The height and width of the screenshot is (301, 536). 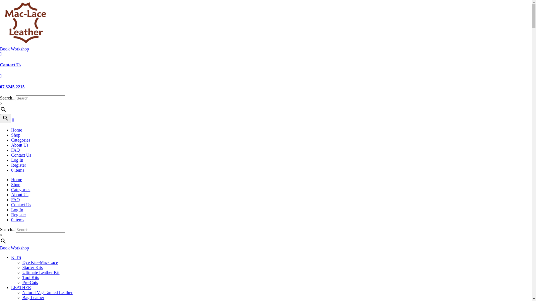 I want to click on 'Log In', so click(x=17, y=210).